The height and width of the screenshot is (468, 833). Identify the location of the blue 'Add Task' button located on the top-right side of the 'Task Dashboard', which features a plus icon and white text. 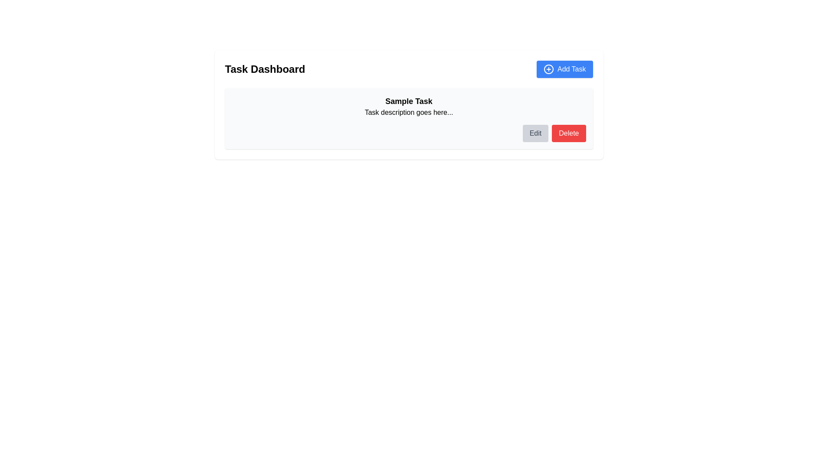
(564, 68).